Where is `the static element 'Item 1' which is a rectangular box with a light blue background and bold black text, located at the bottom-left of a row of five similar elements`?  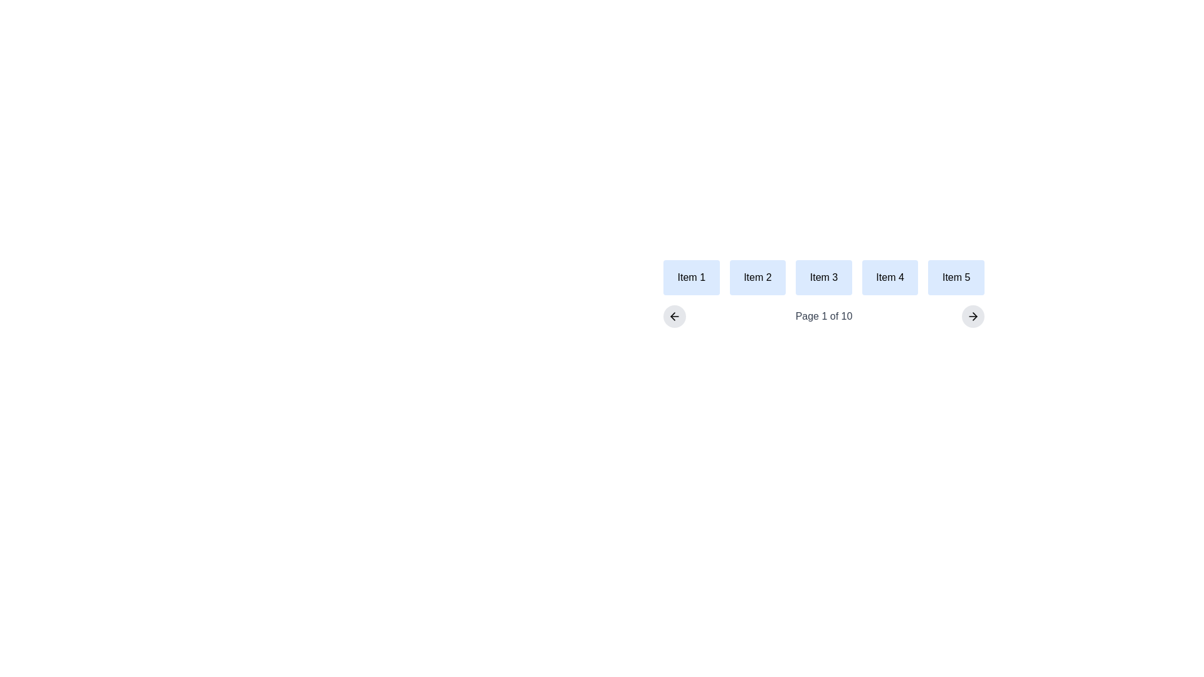
the static element 'Item 1' which is a rectangular box with a light blue background and bold black text, located at the bottom-left of a row of five similar elements is located at coordinates (690, 277).